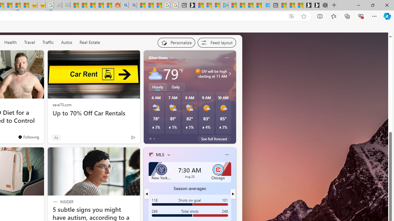 This screenshot has width=394, height=221. What do you see at coordinates (220, 127) in the screenshot?
I see `'Class: weather-current-precipitation-glyph'` at bounding box center [220, 127].